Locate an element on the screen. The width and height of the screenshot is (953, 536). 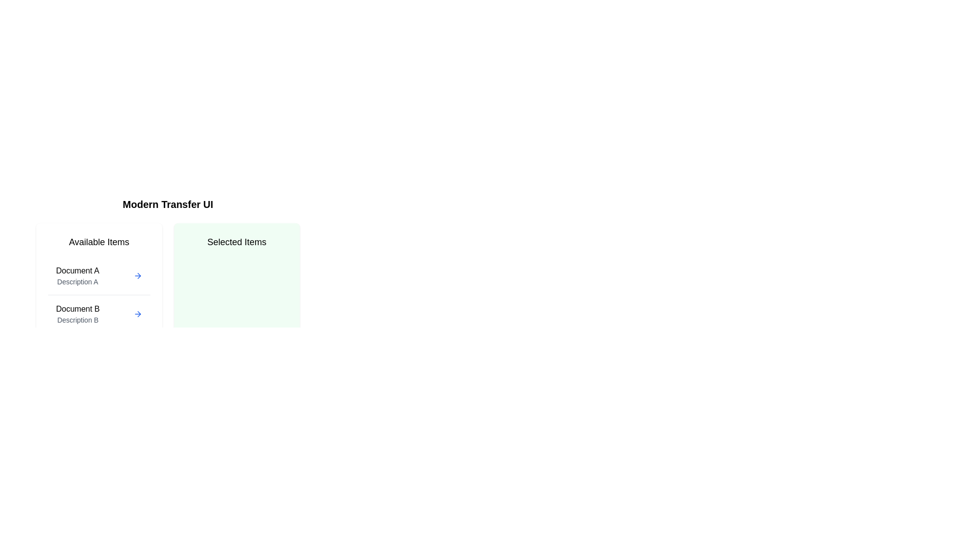
the first entry in the 'Available Items' list is located at coordinates (99, 276).